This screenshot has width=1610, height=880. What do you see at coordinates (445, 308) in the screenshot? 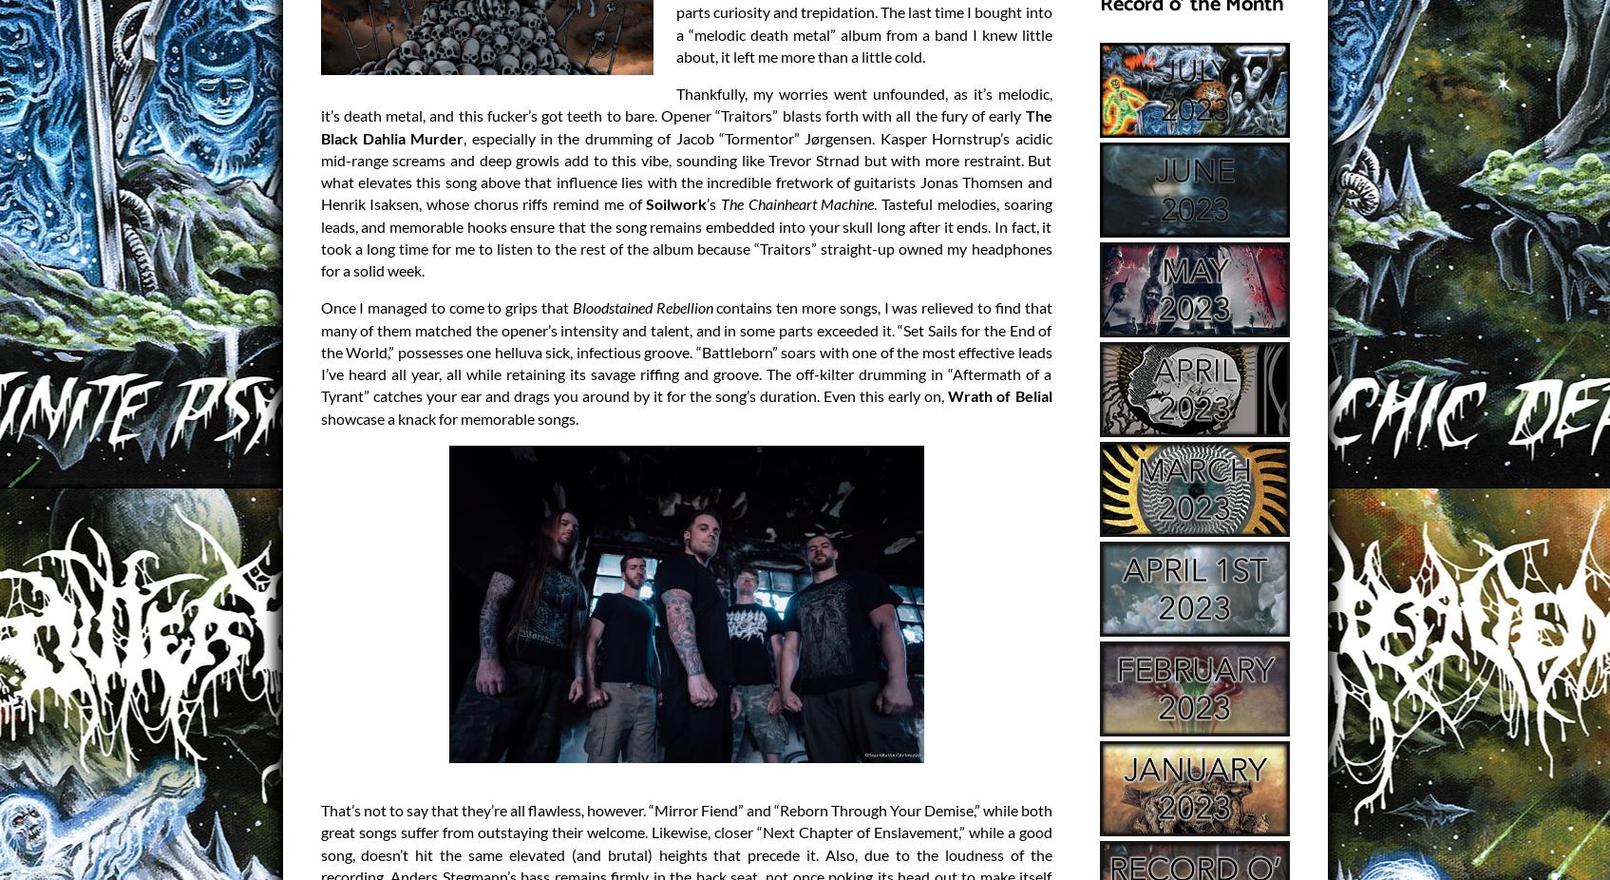
I see `'Once I managed to come to grips that'` at bounding box center [445, 308].